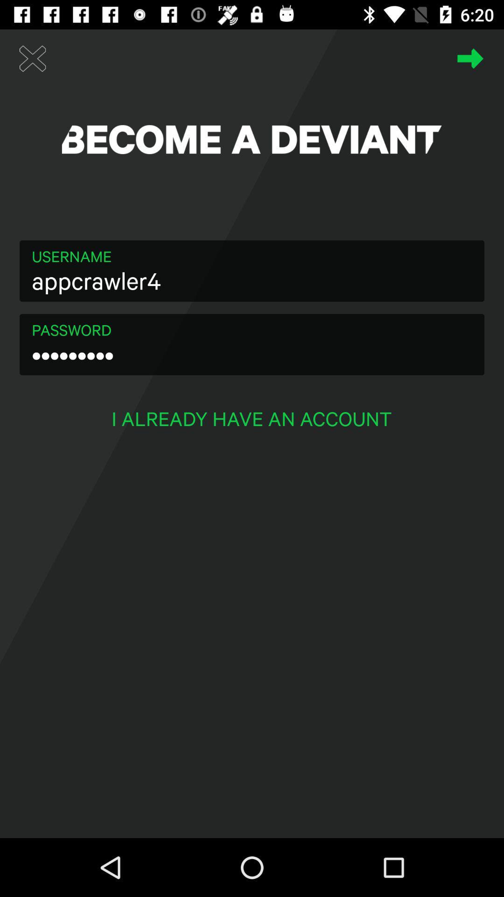 This screenshot has height=897, width=504. I want to click on the close icon, so click(32, 58).